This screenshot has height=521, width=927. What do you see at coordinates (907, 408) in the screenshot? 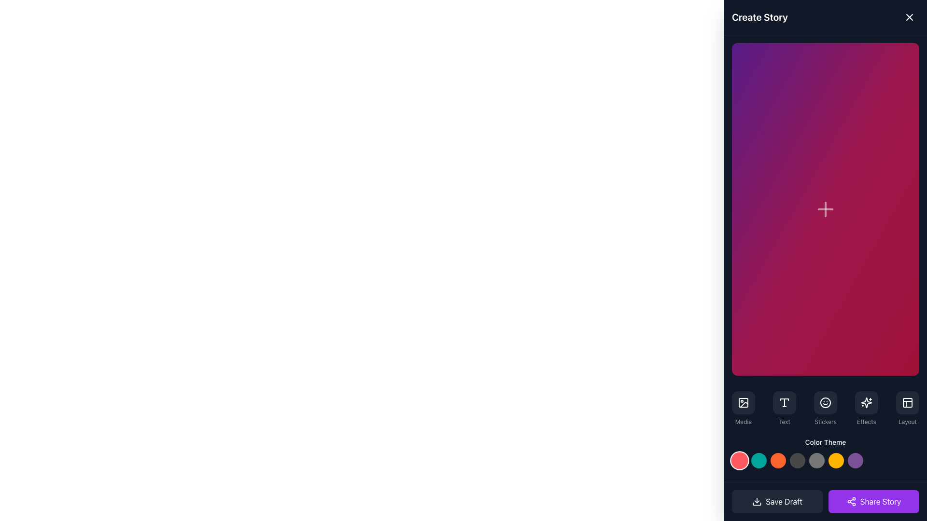
I see `the layout customization button located in the bottom right corner of the interface, which is the fifth option in the horizontally arranged menu` at bounding box center [907, 408].